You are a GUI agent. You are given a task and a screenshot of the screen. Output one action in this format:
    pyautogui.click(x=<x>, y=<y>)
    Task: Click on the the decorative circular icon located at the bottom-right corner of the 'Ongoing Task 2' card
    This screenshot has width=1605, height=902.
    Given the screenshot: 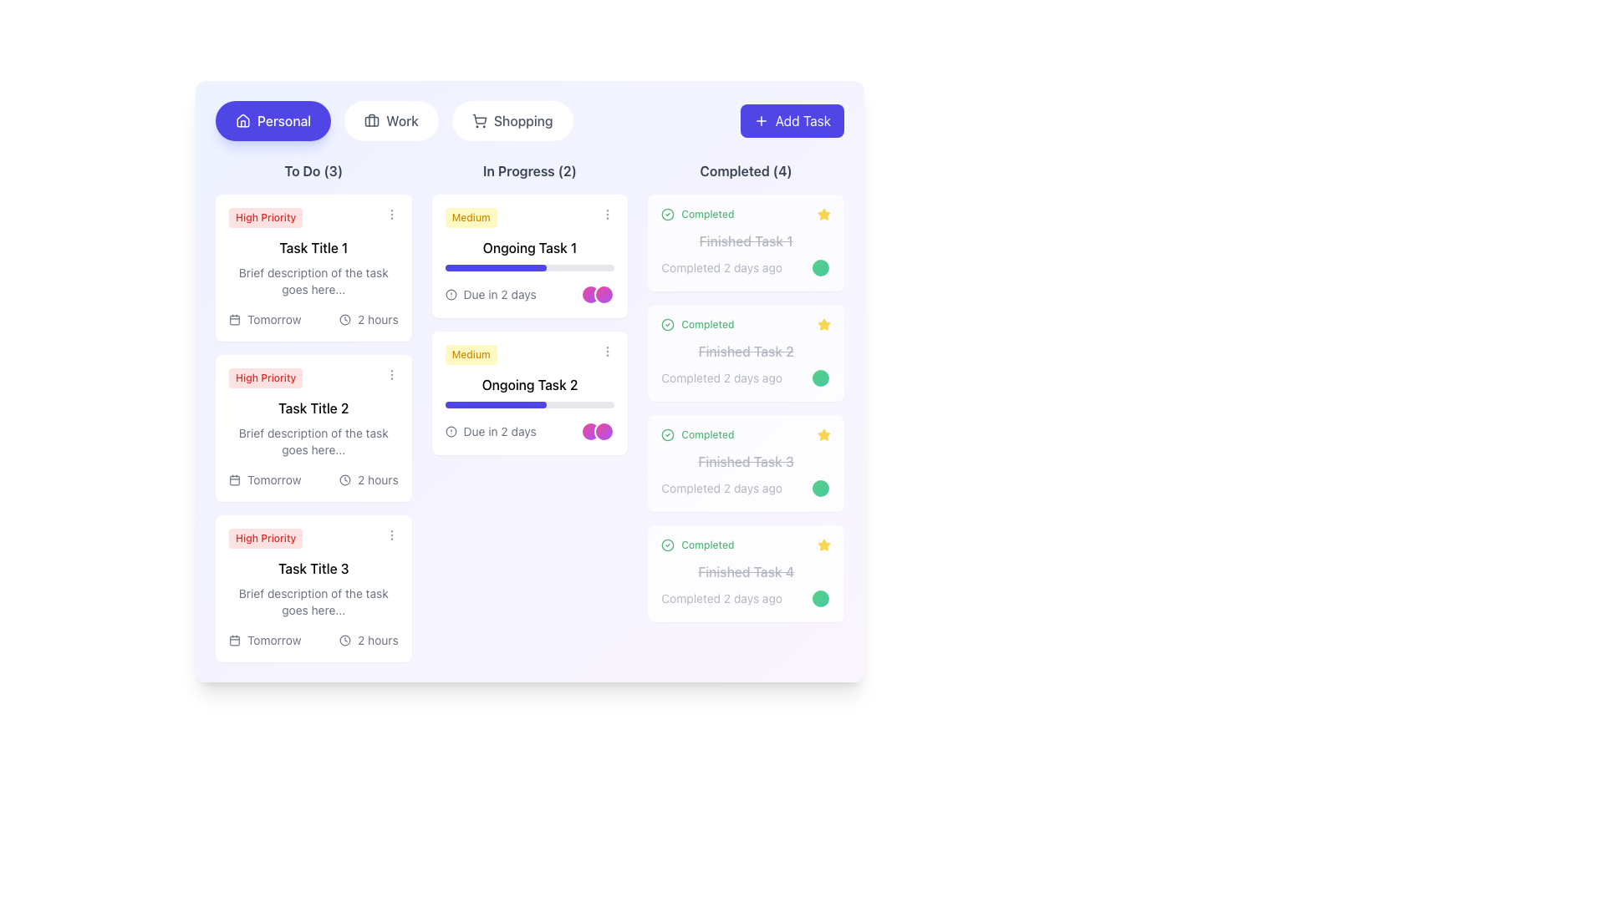 What is the action you would take?
    pyautogui.click(x=604, y=430)
    